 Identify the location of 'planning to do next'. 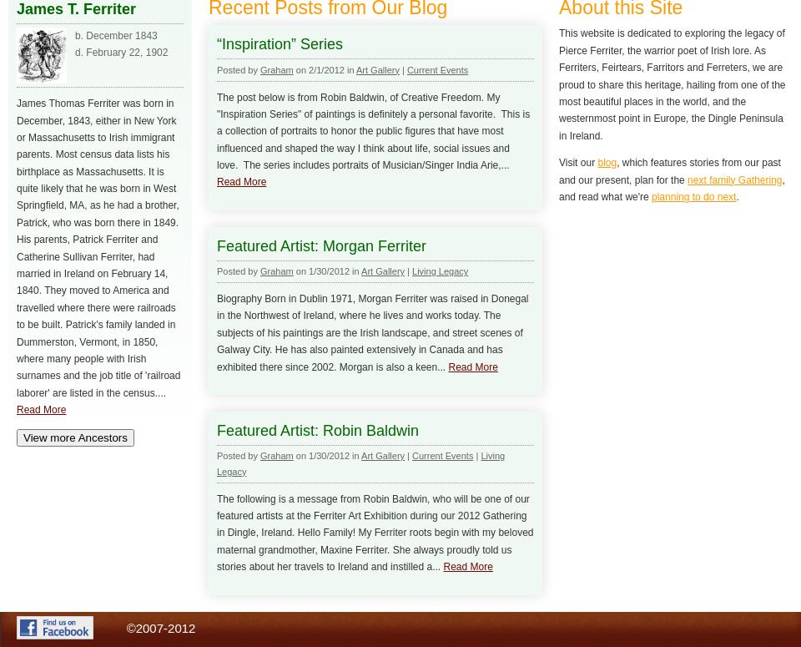
(693, 195).